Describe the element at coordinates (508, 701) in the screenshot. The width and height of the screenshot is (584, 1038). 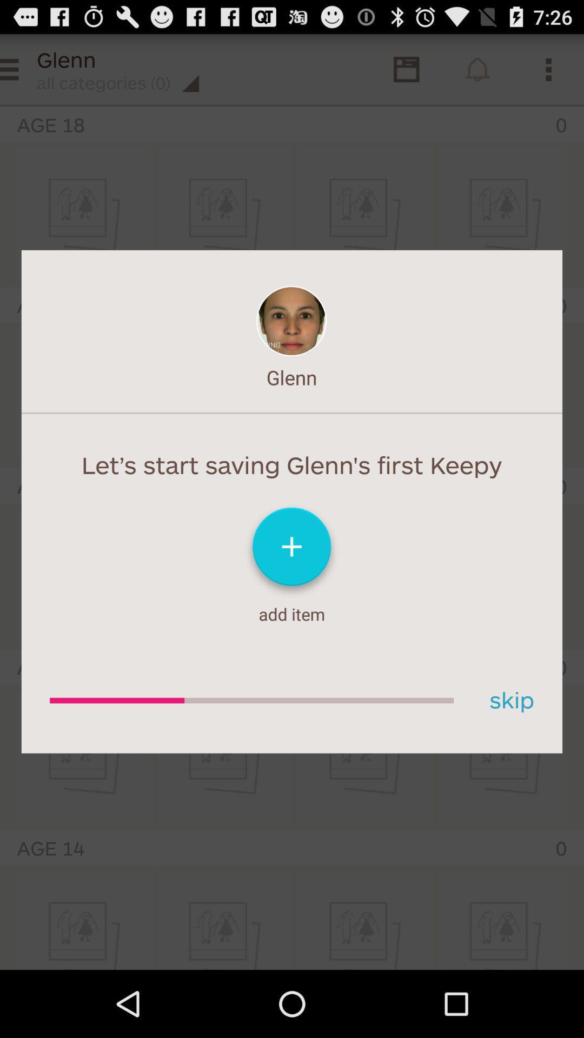
I see `item below let s start app` at that location.